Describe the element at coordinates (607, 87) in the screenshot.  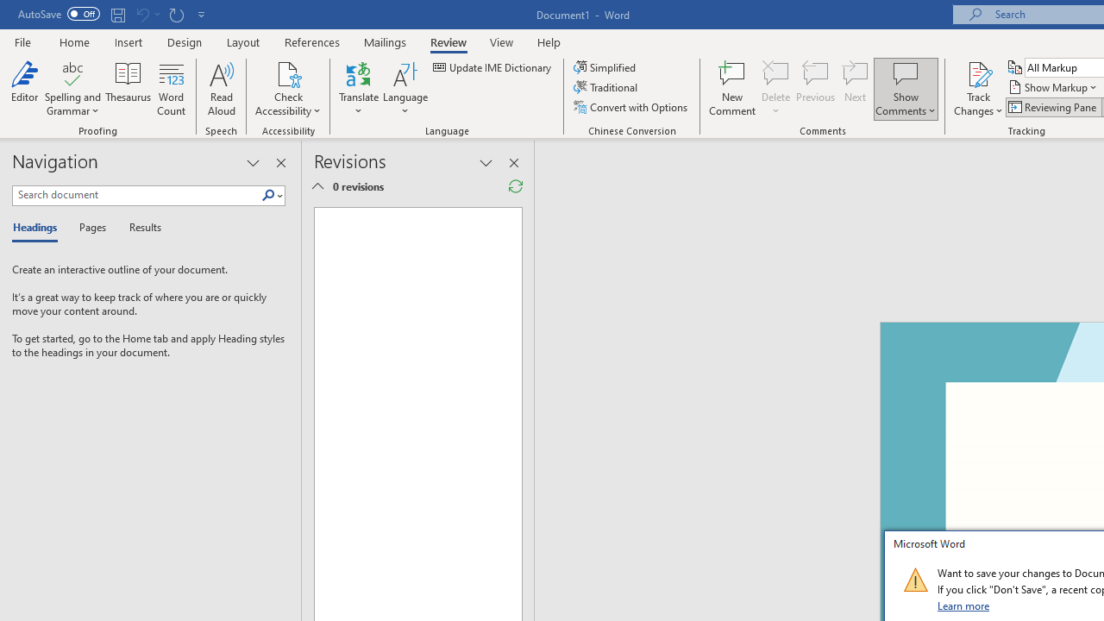
I see `'Traditional'` at that location.